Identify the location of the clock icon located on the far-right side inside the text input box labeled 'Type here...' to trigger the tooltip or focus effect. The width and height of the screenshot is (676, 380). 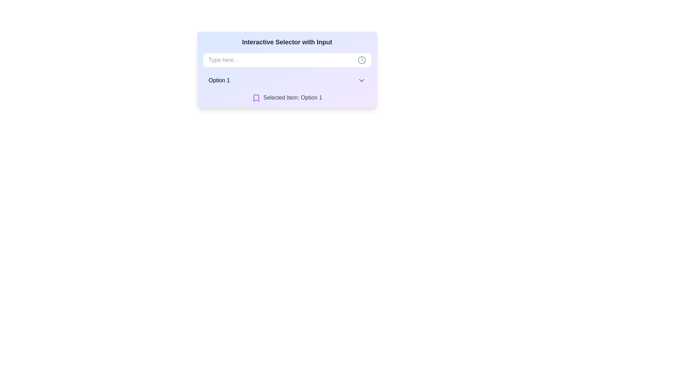
(362, 59).